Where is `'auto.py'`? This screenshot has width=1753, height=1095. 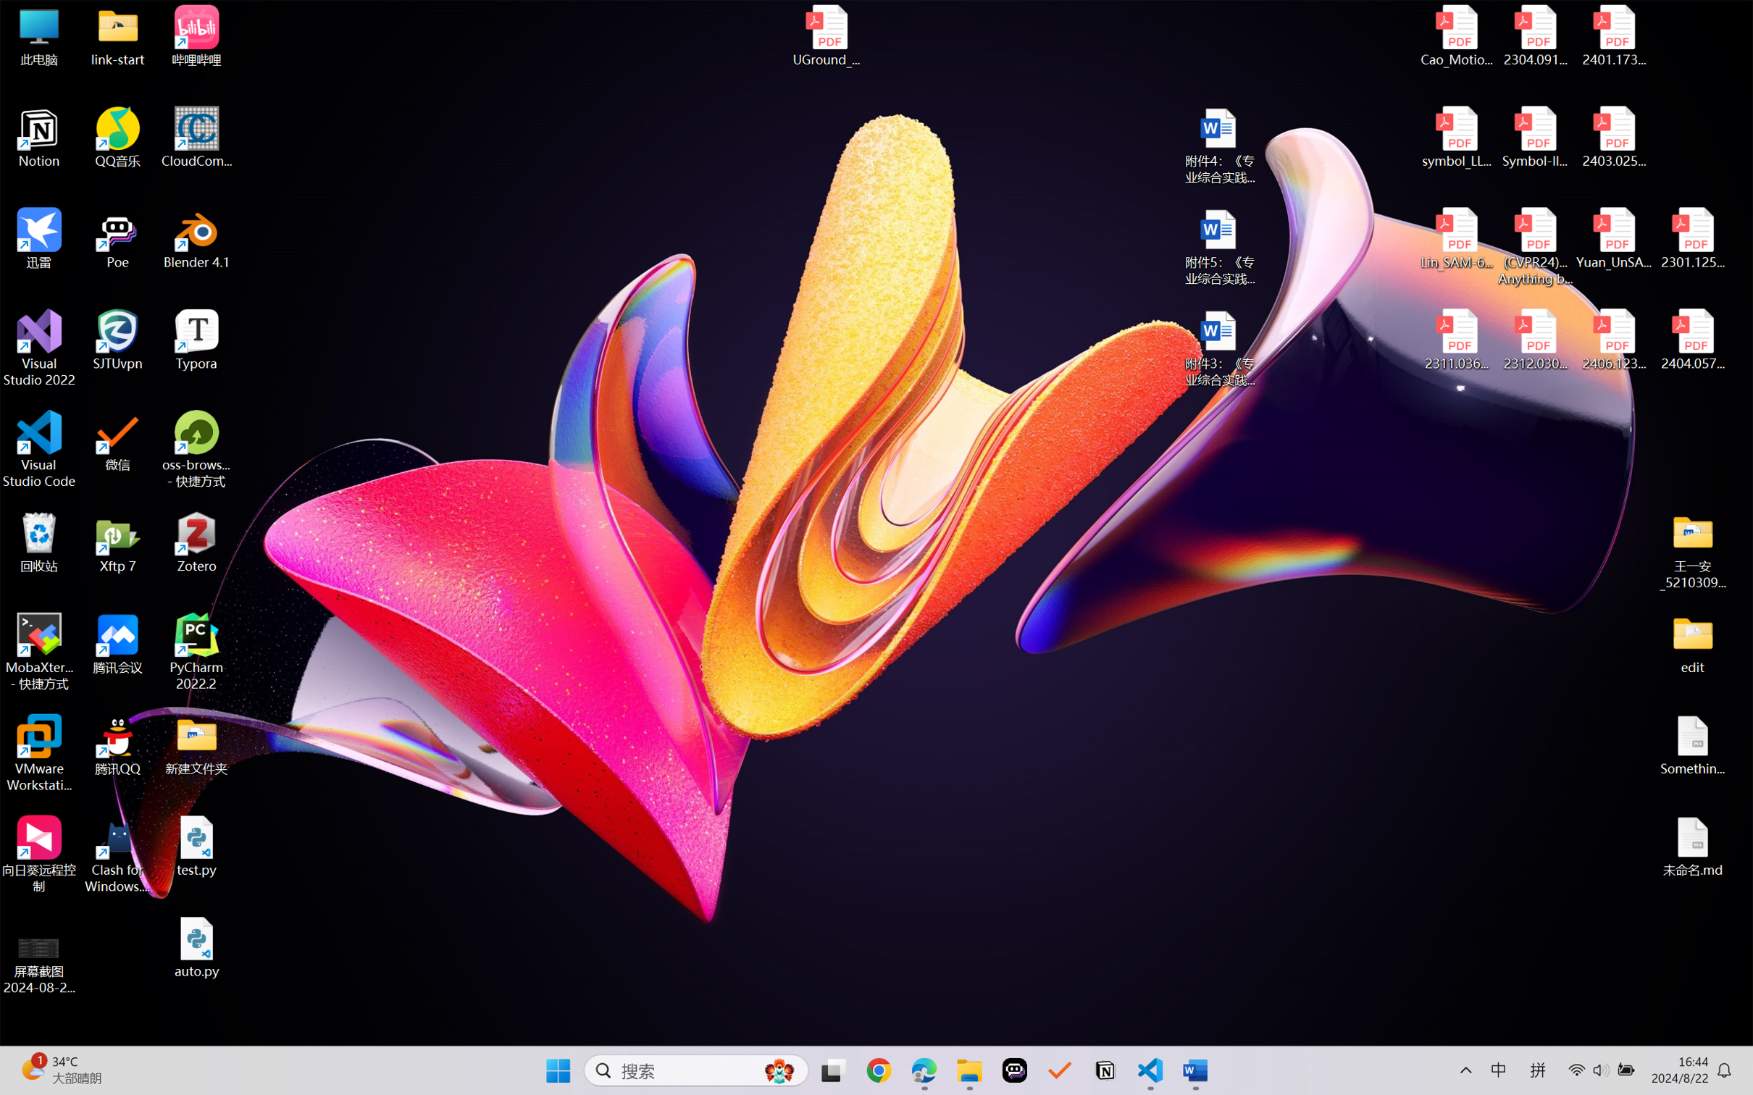
'auto.py' is located at coordinates (196, 947).